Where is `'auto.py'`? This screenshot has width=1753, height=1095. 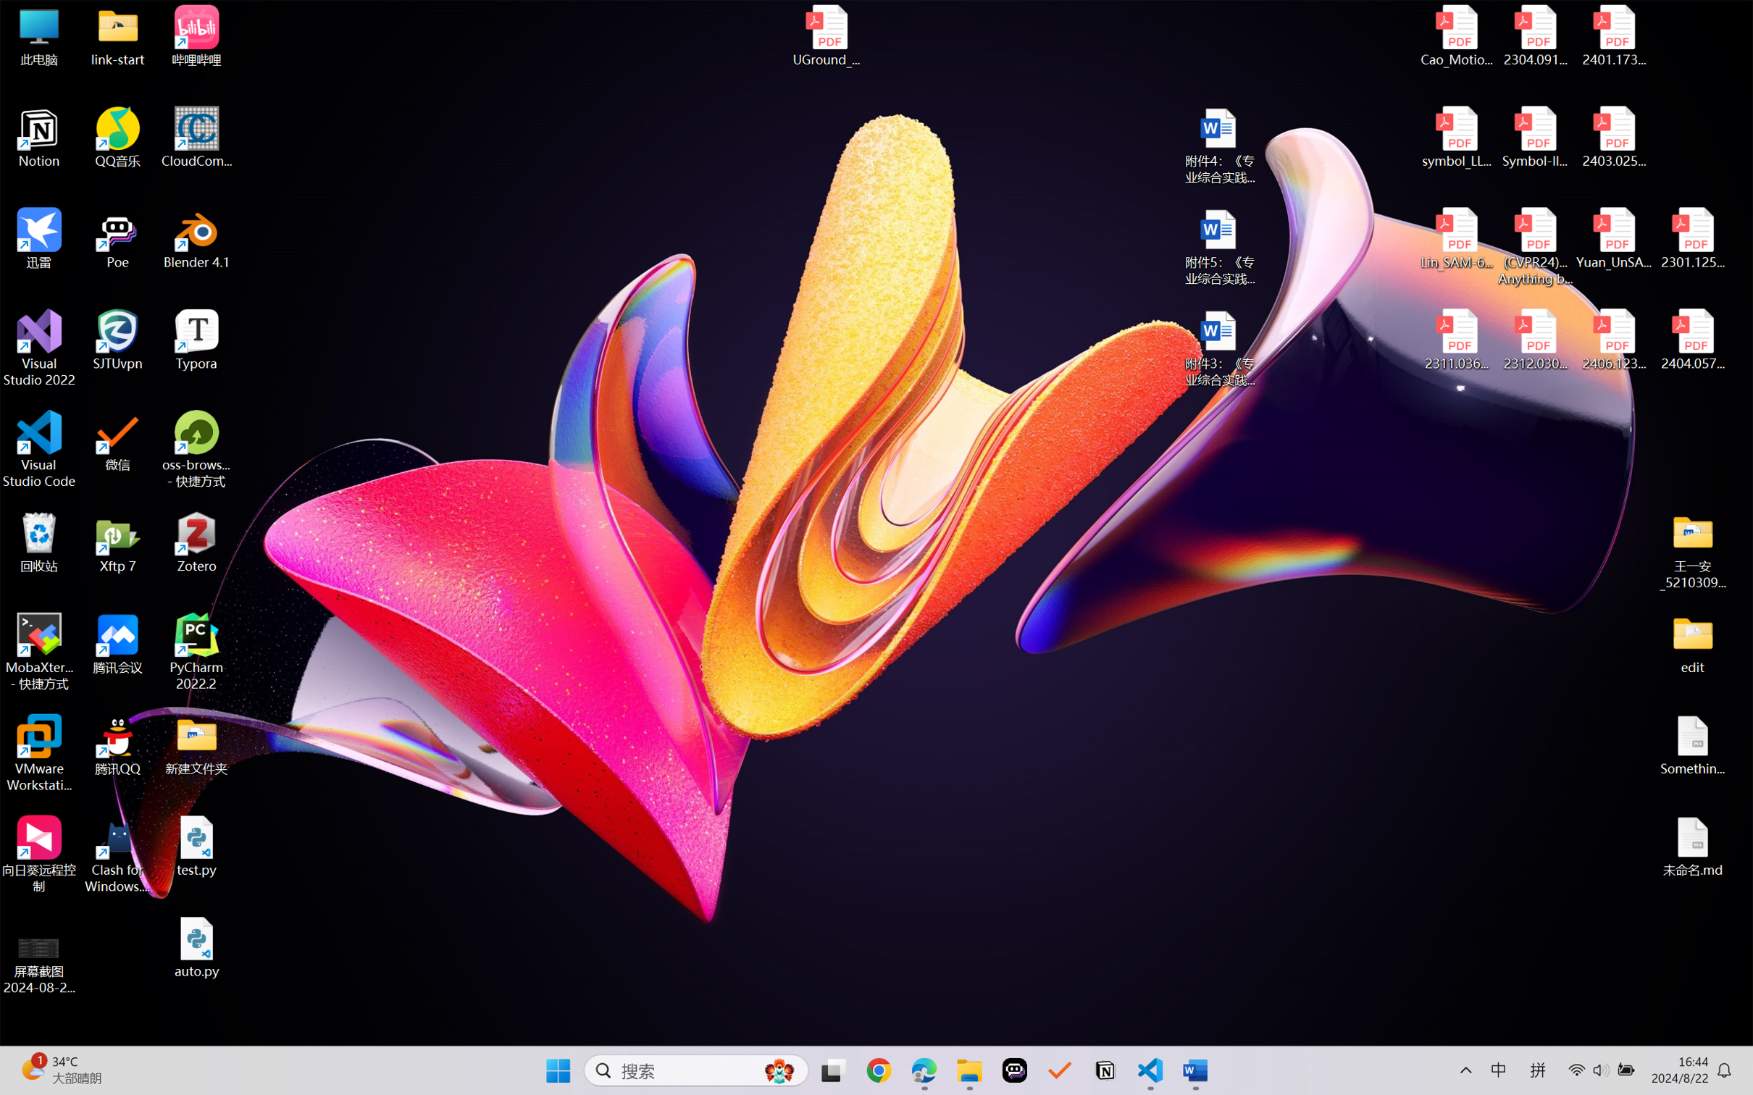
'auto.py' is located at coordinates (196, 947).